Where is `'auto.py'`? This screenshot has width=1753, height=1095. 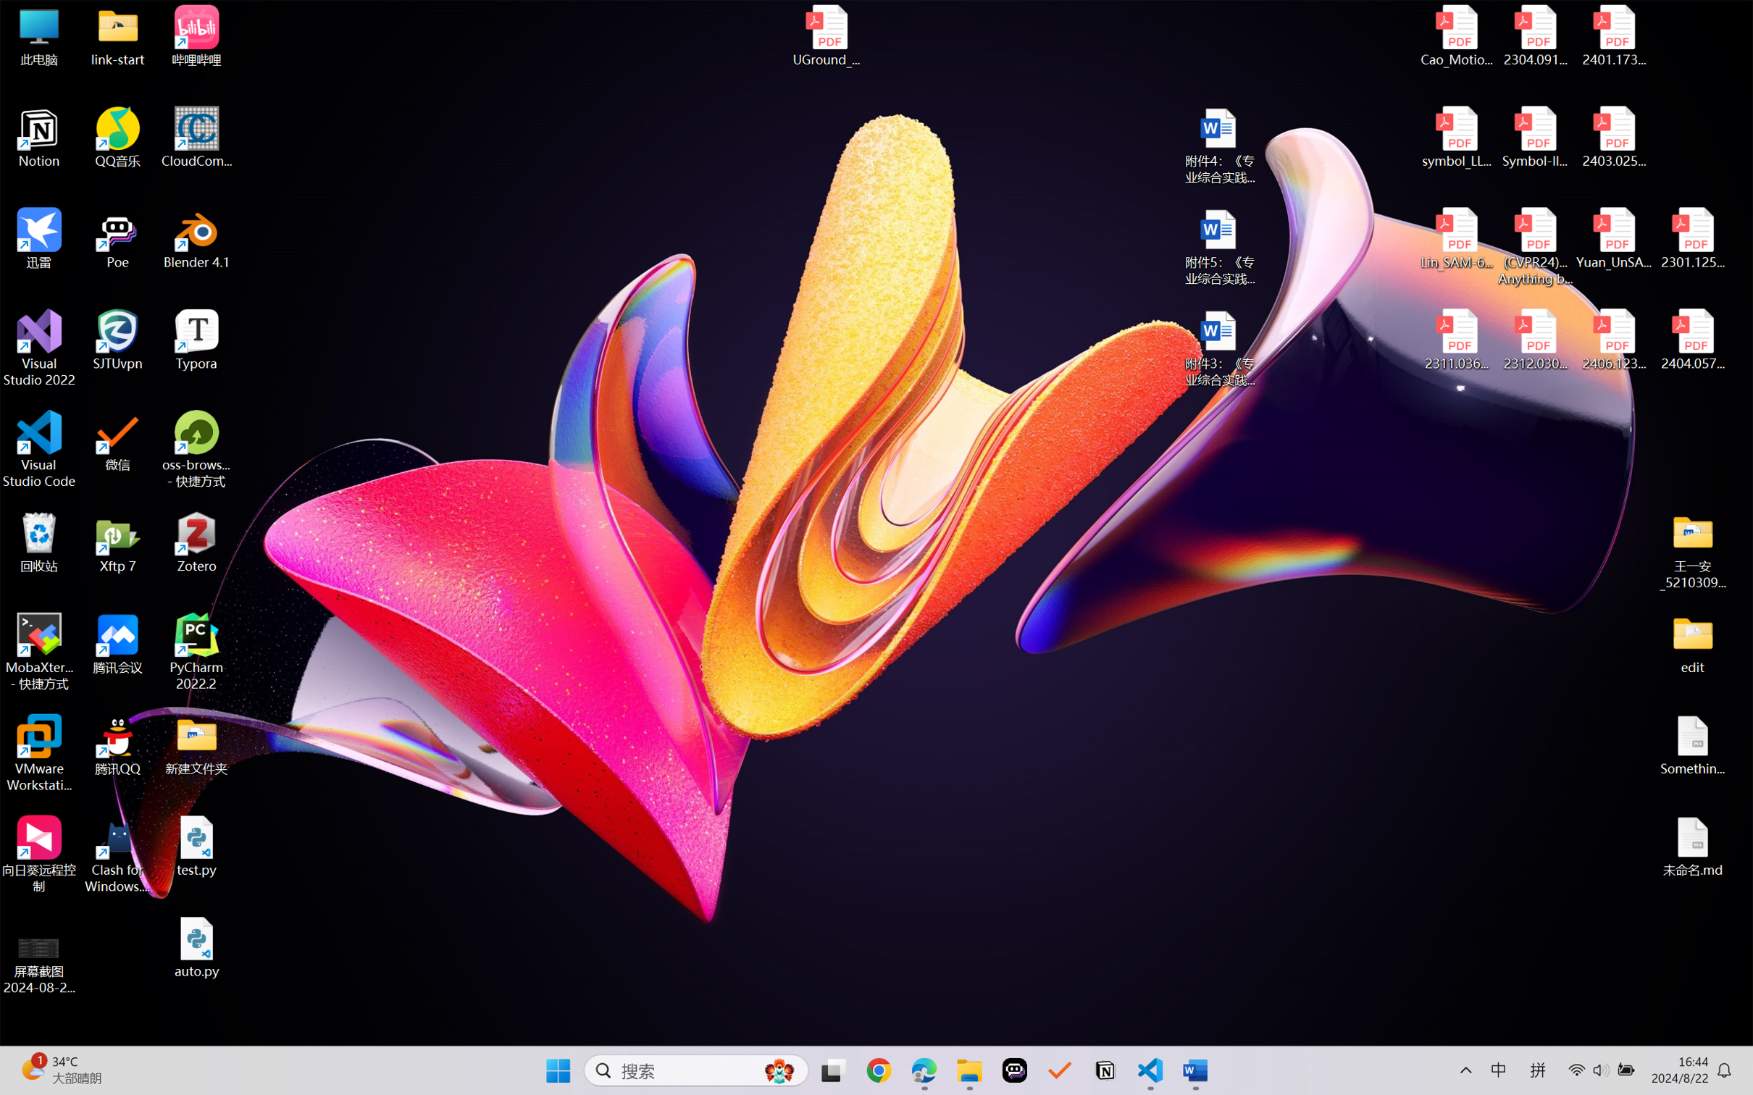
'auto.py' is located at coordinates (196, 947).